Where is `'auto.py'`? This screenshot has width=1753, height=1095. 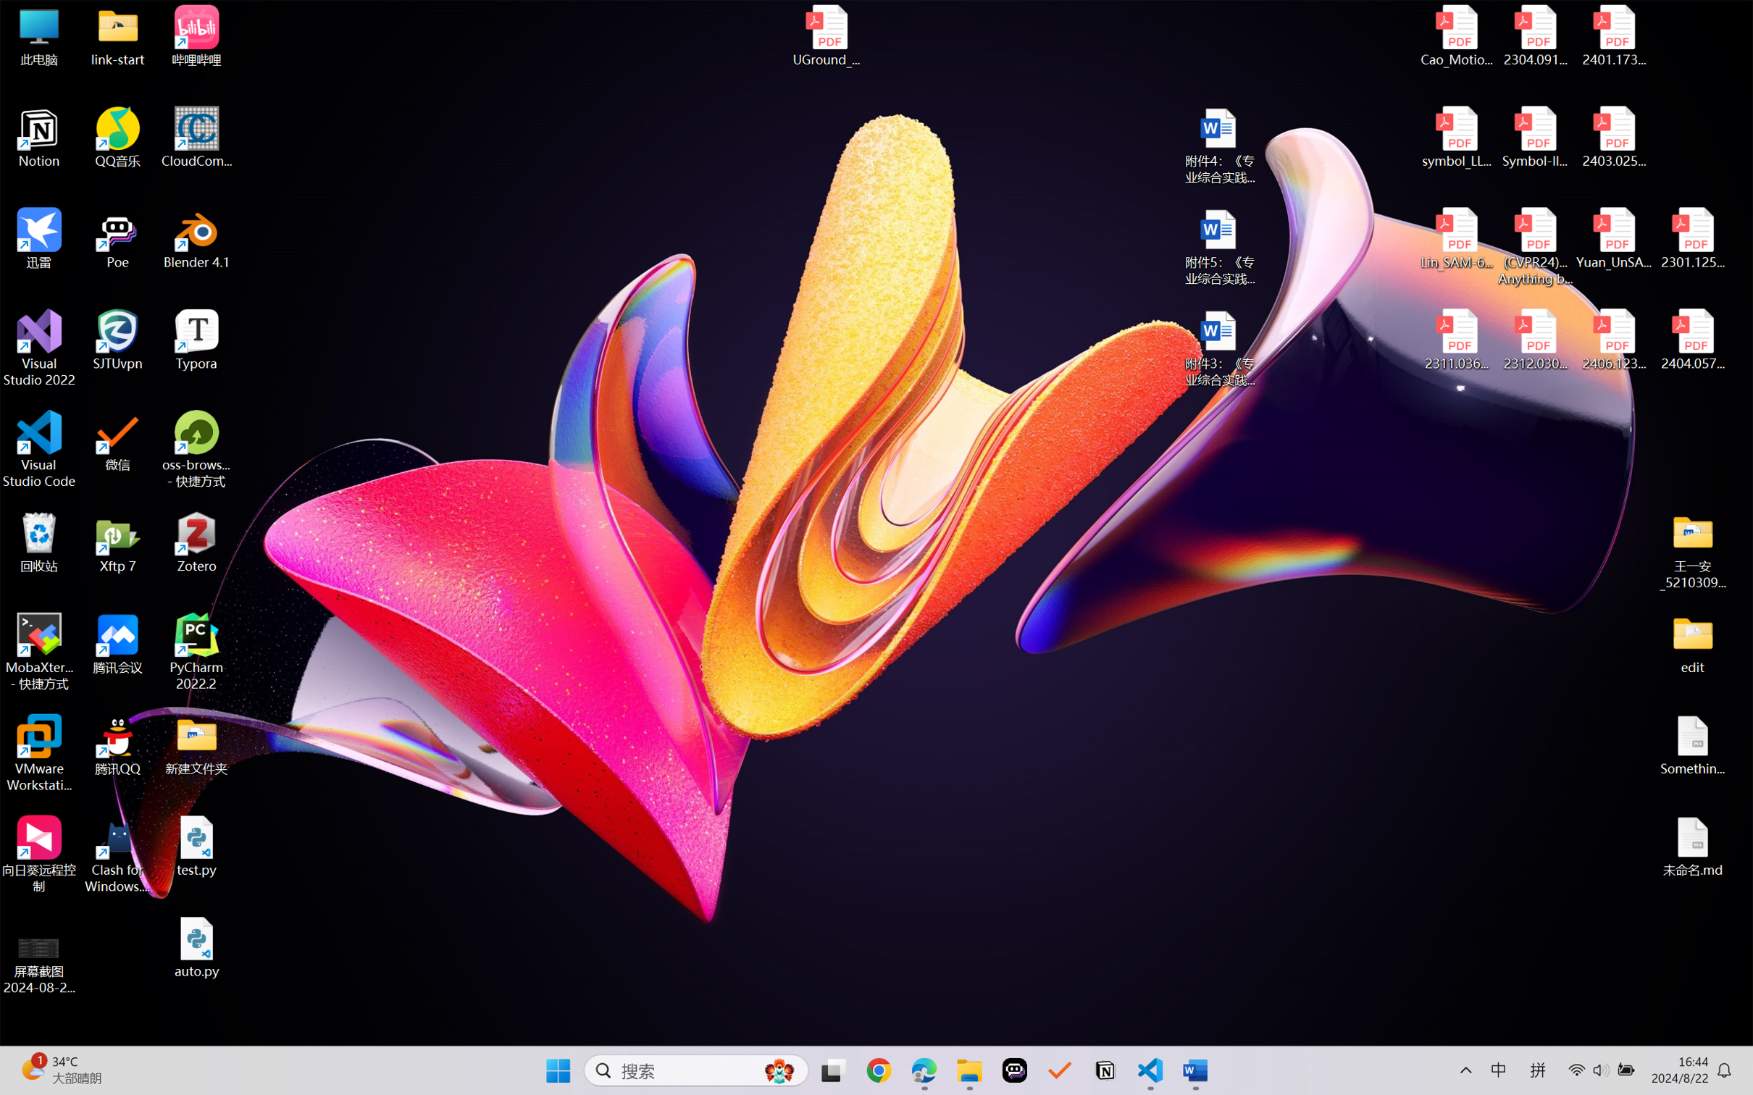
'auto.py' is located at coordinates (196, 947).